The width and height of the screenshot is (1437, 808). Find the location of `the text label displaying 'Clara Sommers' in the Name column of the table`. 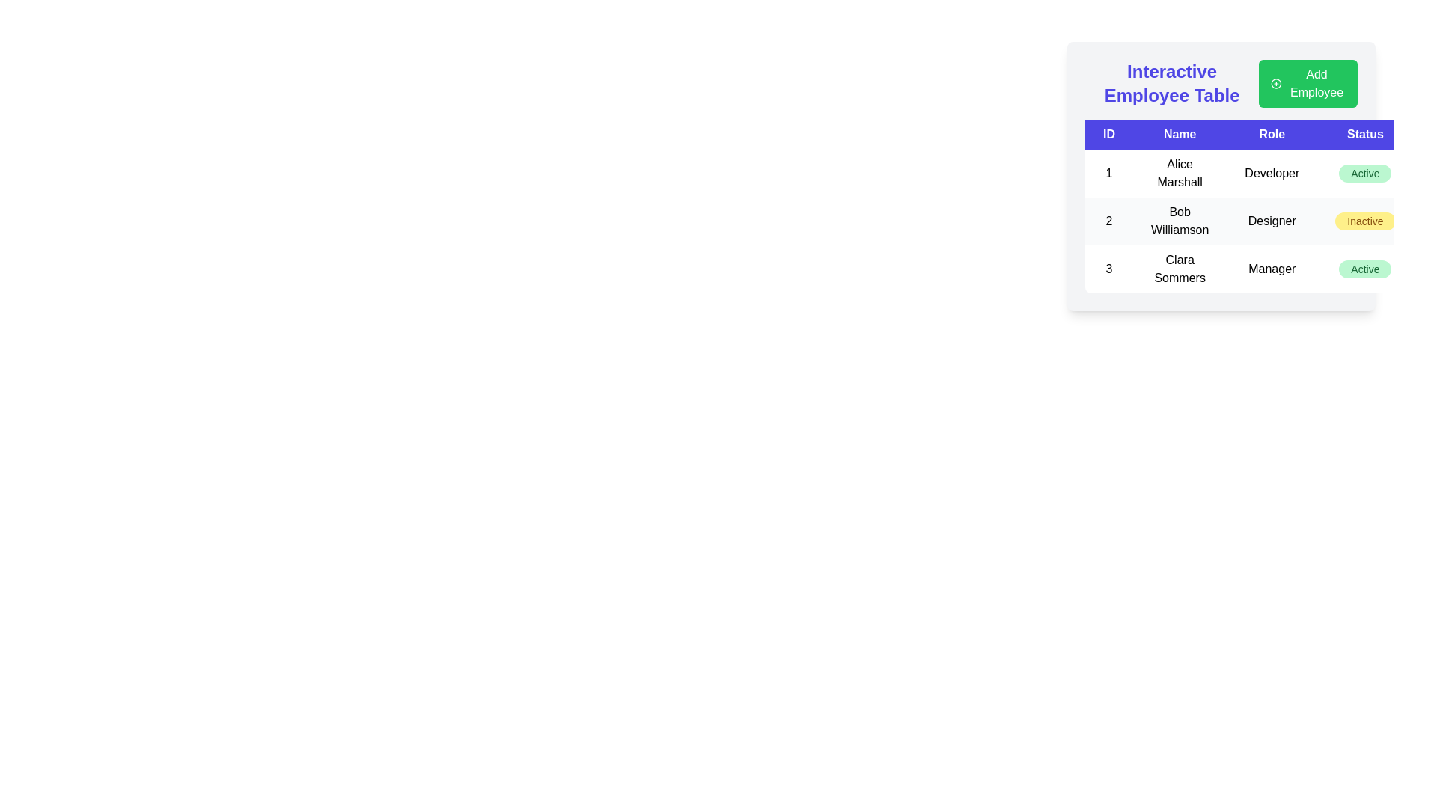

the text label displaying 'Clara Sommers' in the Name column of the table is located at coordinates (1179, 268).